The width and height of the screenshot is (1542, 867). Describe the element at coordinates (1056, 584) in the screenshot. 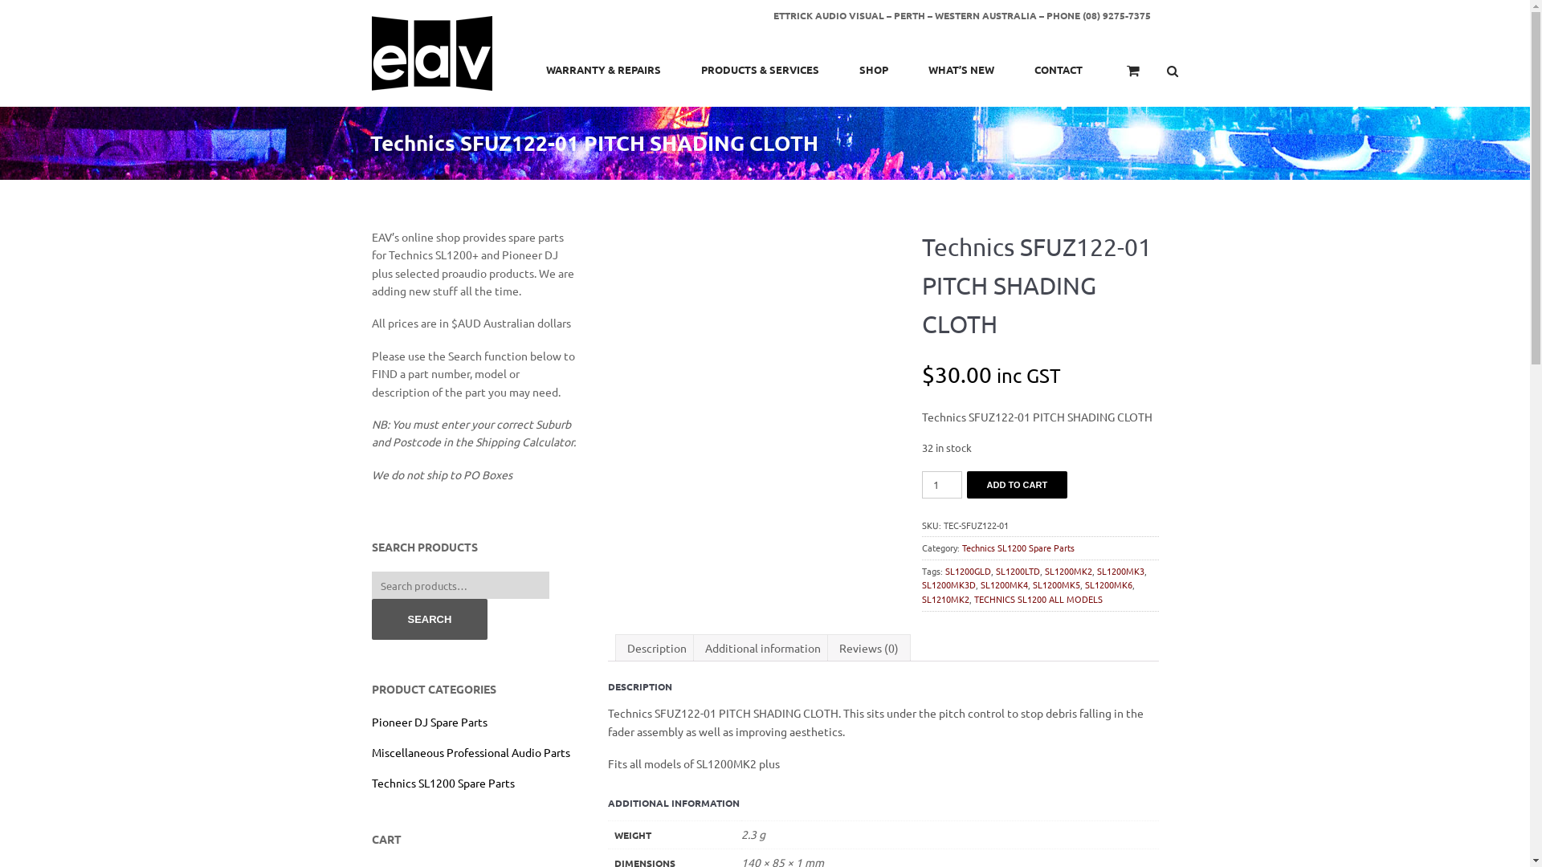

I see `'SL1200MK5'` at that location.